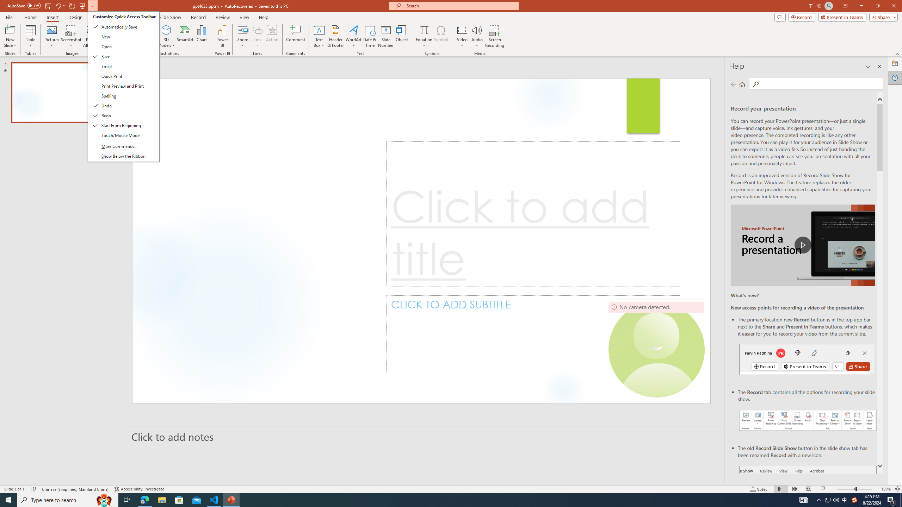 Image resolution: width=902 pixels, height=507 pixels. I want to click on 'Chart...', so click(202, 36).